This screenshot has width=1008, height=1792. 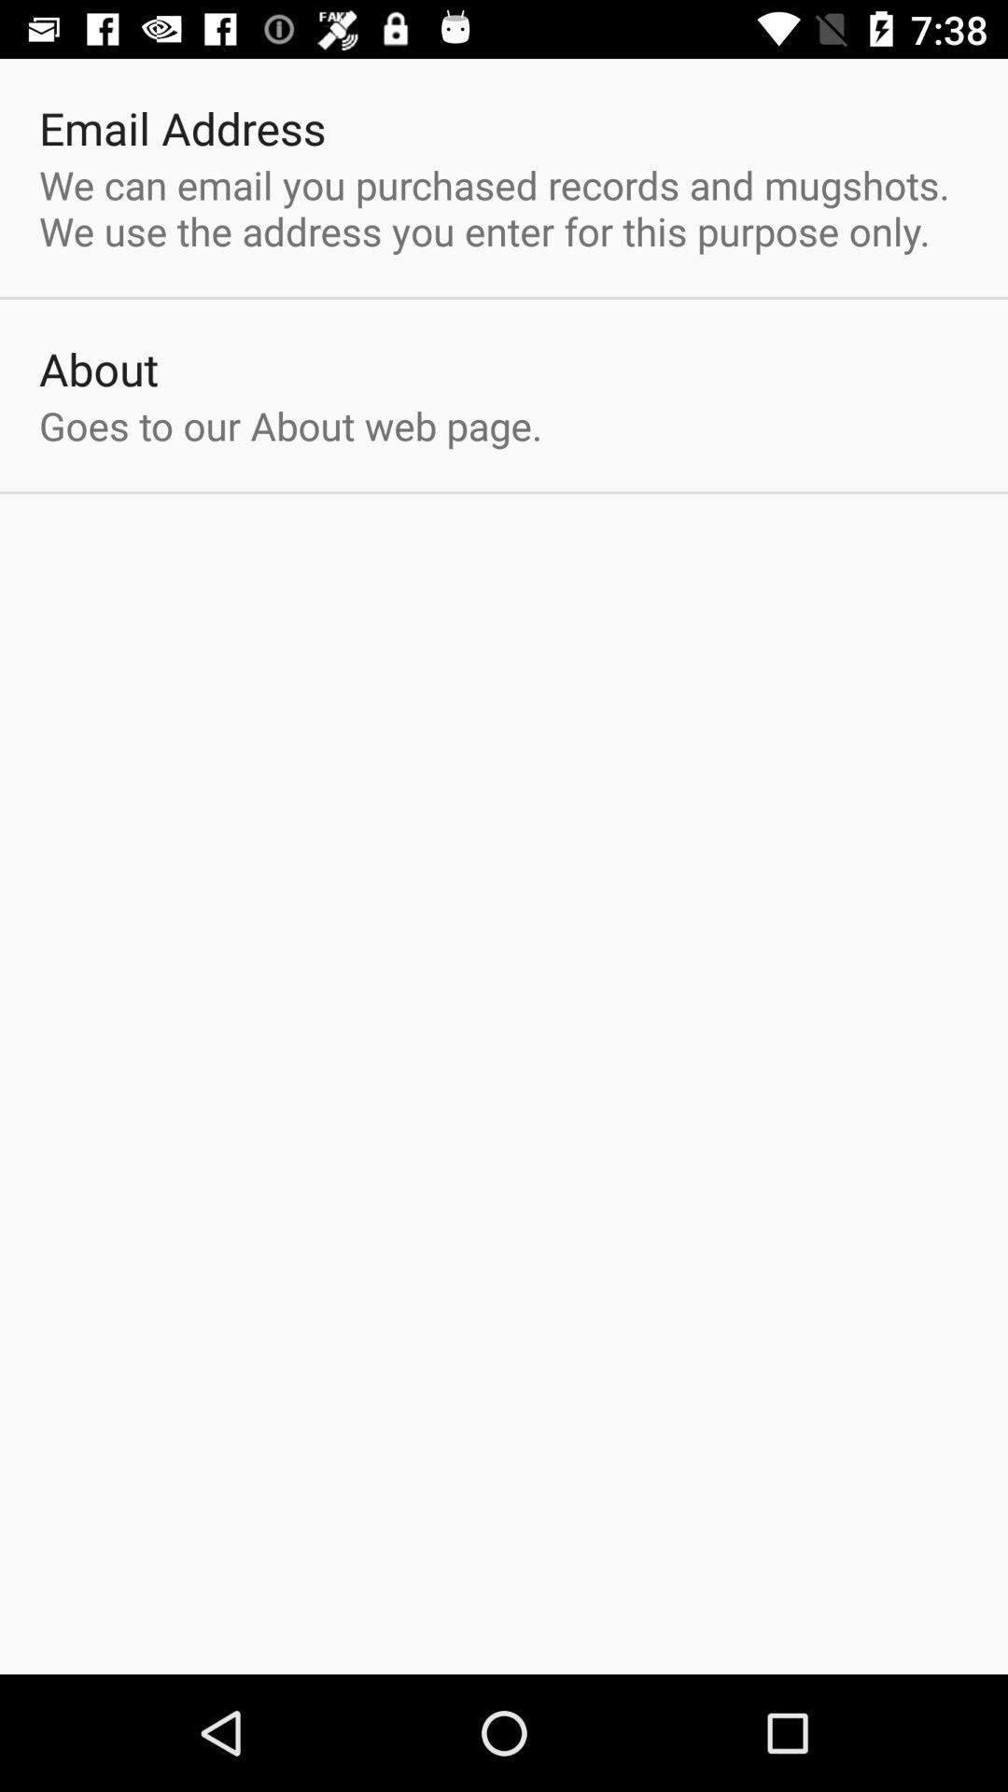 What do you see at coordinates (290, 425) in the screenshot?
I see `goes to our icon` at bounding box center [290, 425].